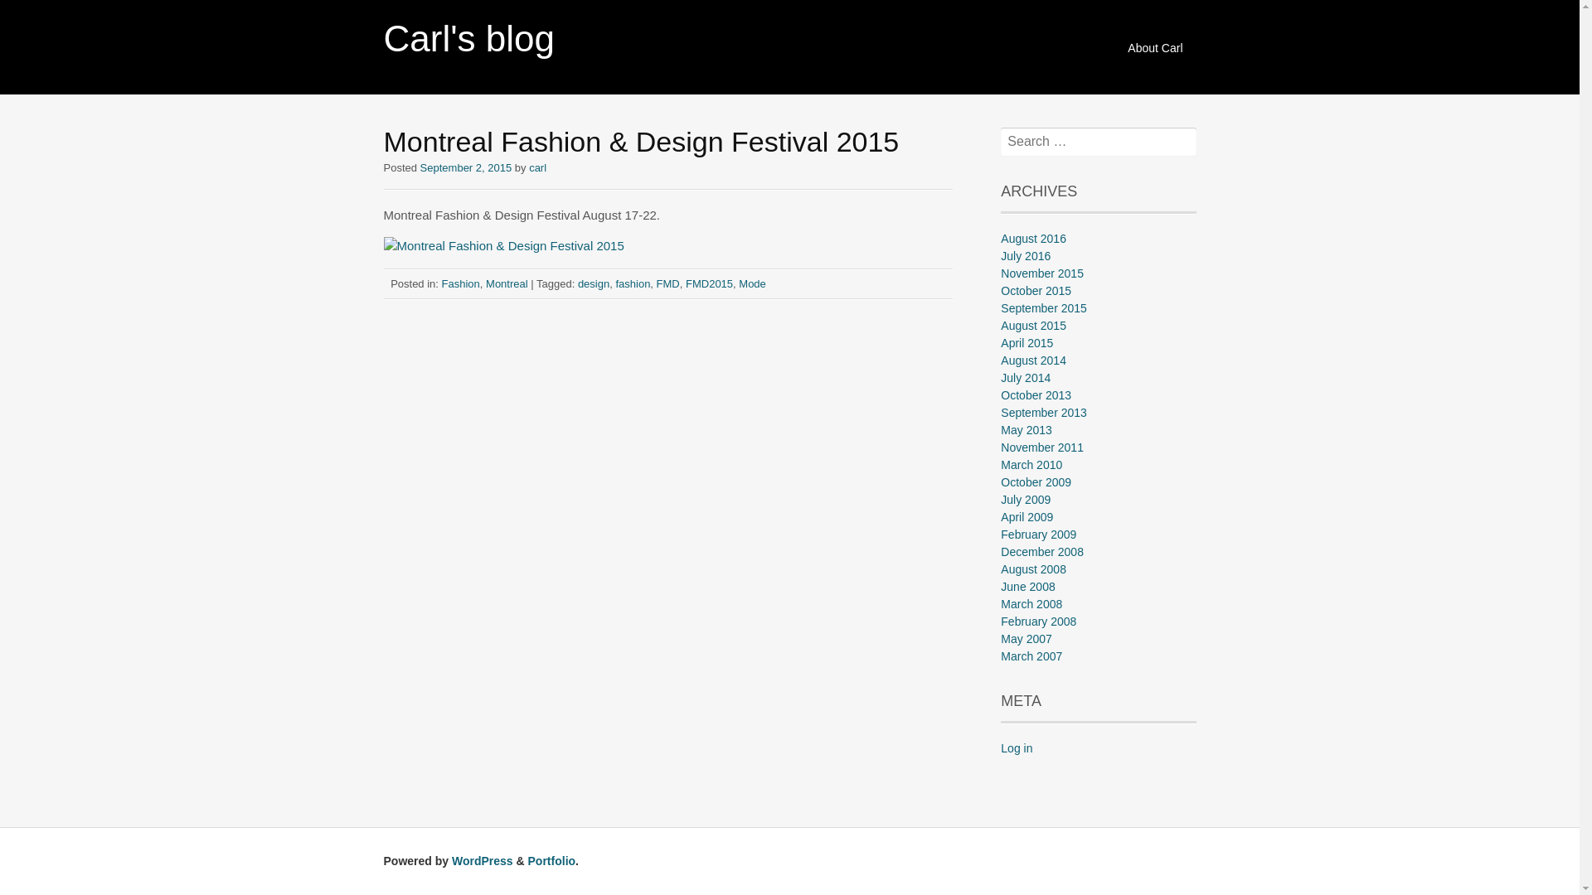 The height and width of the screenshot is (895, 1592). I want to click on 'August 2016', so click(1032, 239).